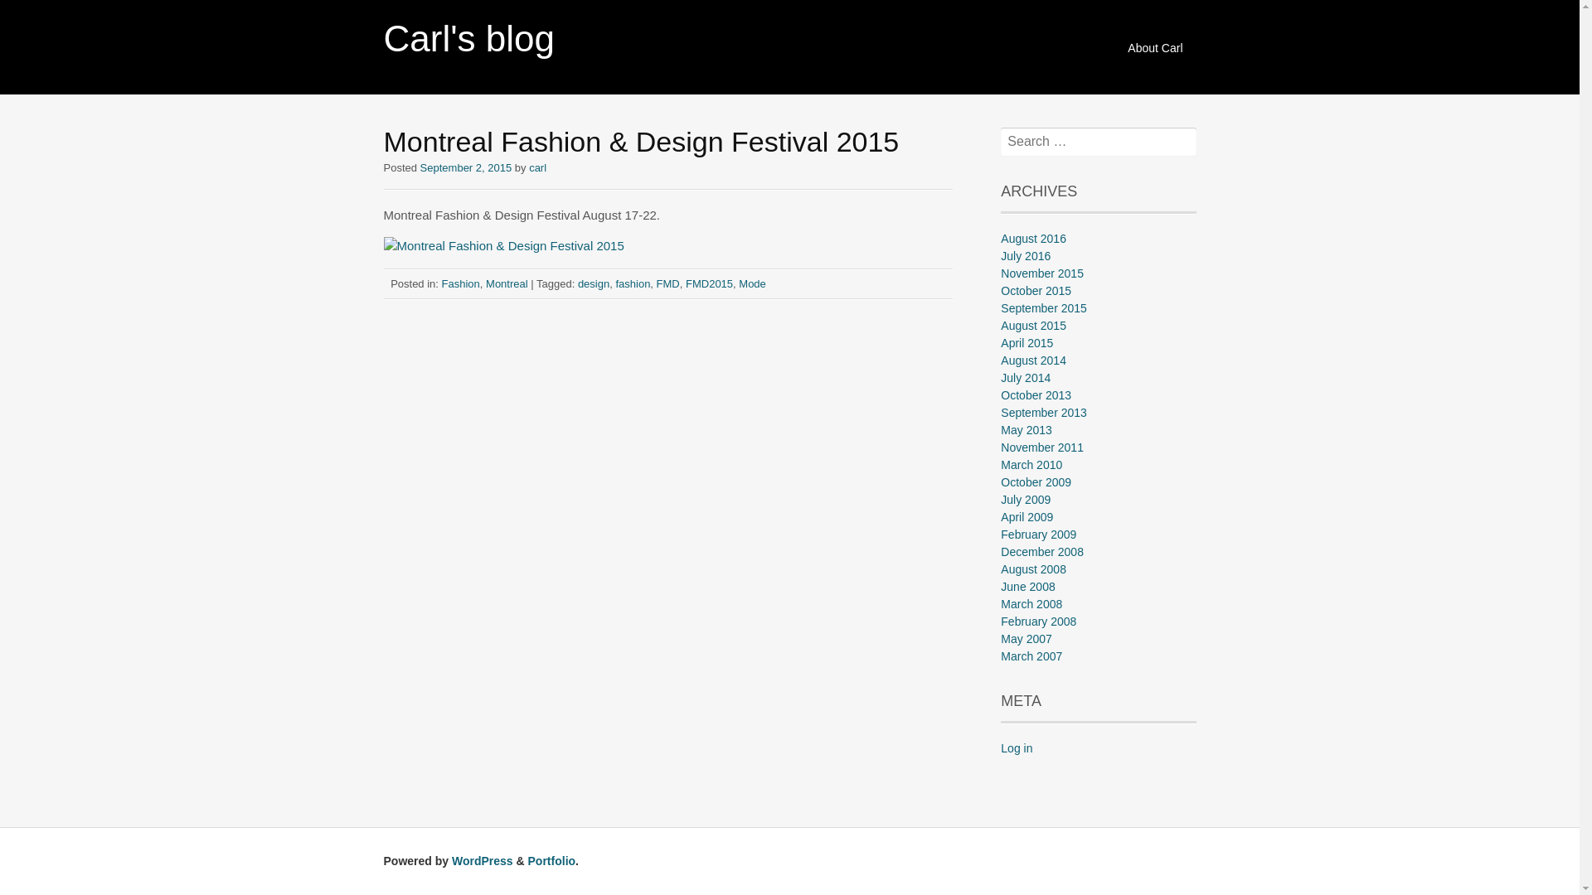 The height and width of the screenshot is (895, 1592). I want to click on 'August 2016', so click(1032, 239).